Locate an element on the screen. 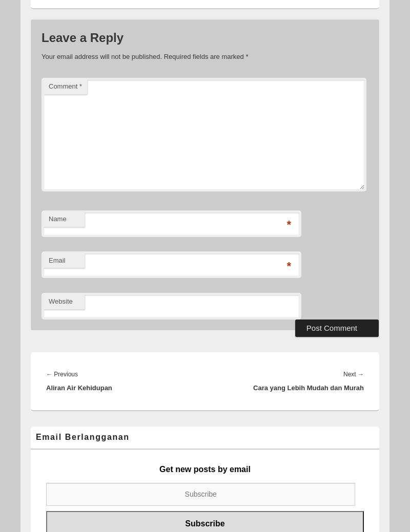  'Email Berlangganan' is located at coordinates (82, 436).